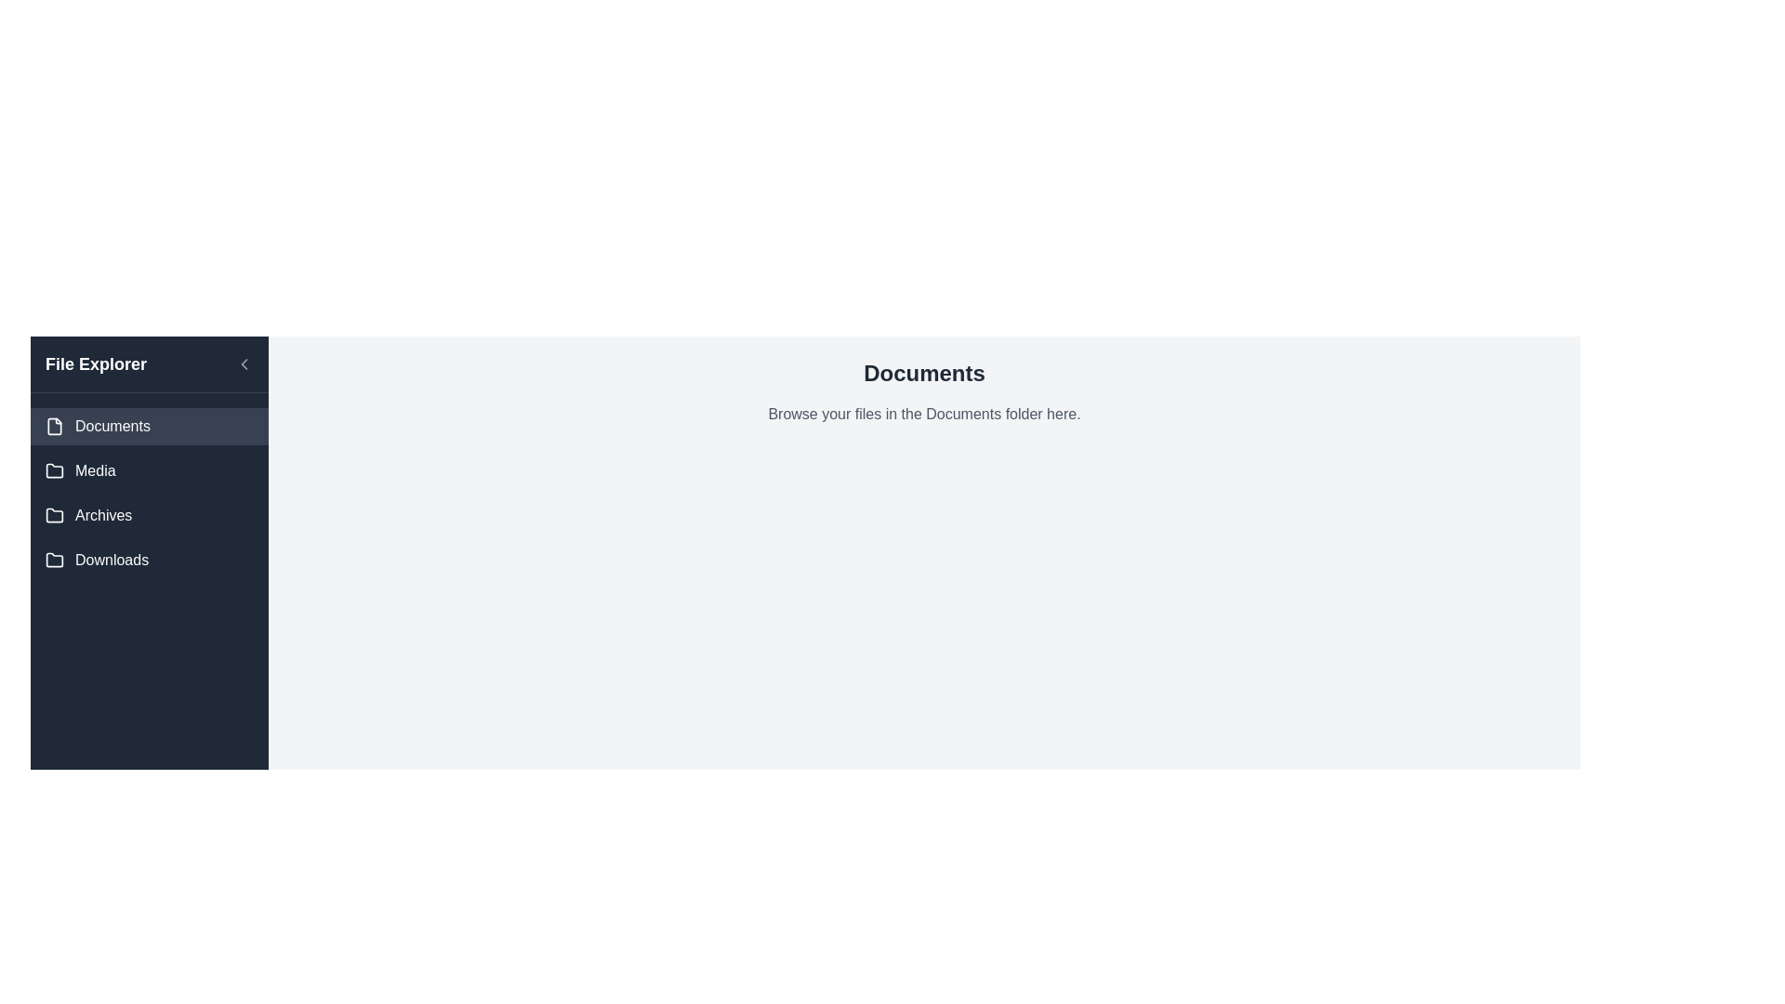 Image resolution: width=1785 pixels, height=1004 pixels. I want to click on the static text element that describes browsing files in the 'Documents' folder, located directly below the 'Documents' title, so click(924, 414).